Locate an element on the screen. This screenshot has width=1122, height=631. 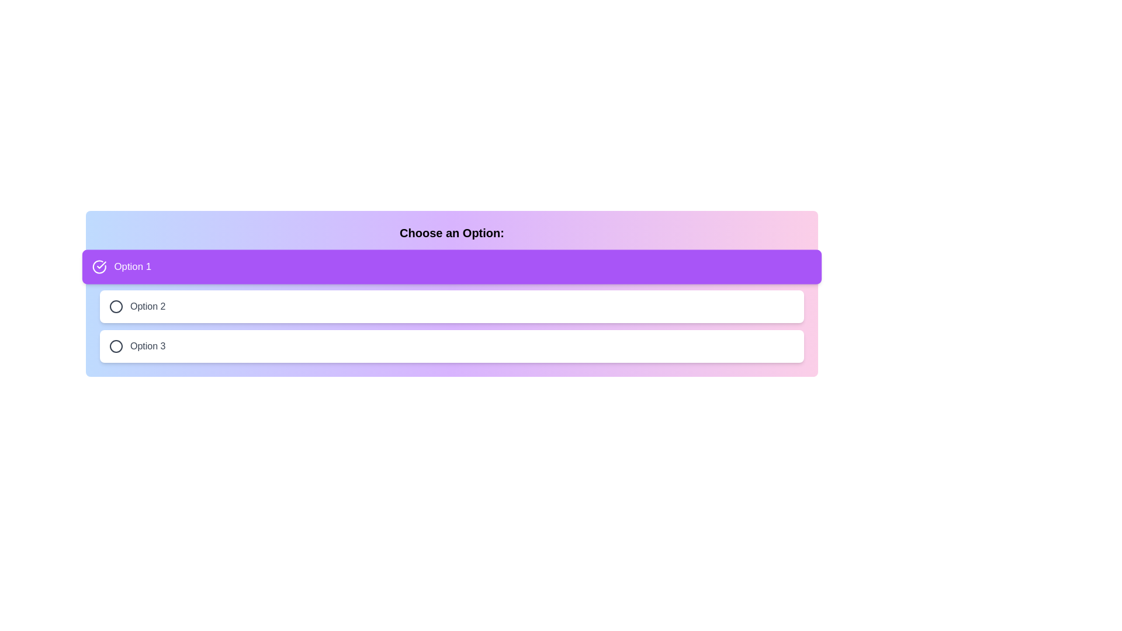
the checkmark icon within the circular border, which is located to the left of the text 'Option 1' is located at coordinates (101, 265).